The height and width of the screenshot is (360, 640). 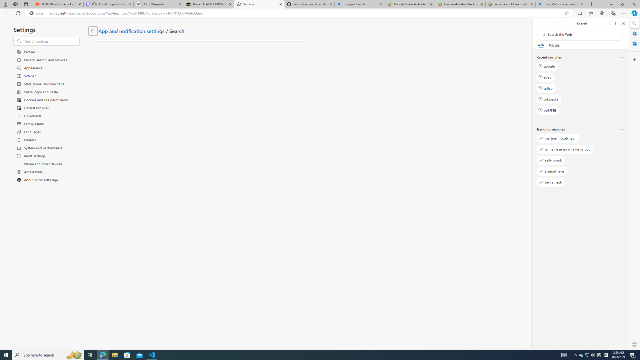 I want to click on 'martine mccutcheon', so click(x=558, y=138).